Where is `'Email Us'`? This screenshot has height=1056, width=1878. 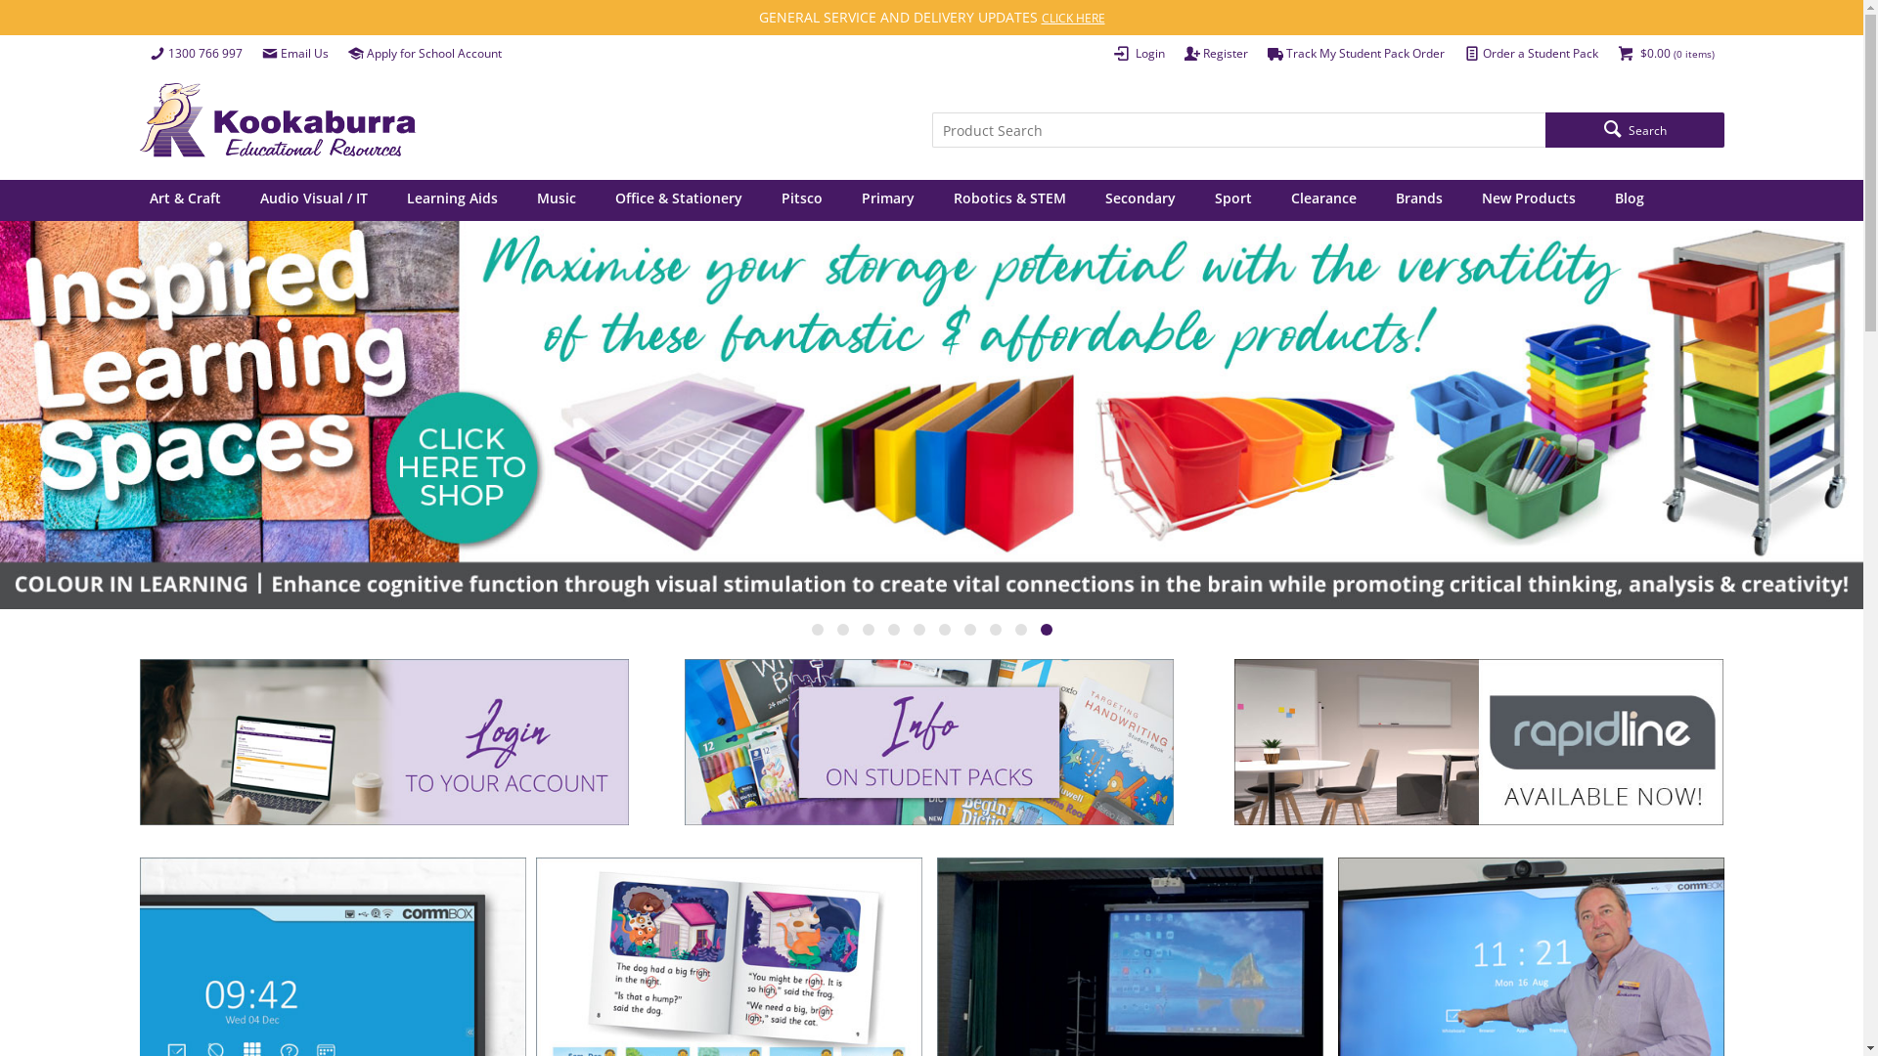
'Email Us' is located at coordinates (294, 52).